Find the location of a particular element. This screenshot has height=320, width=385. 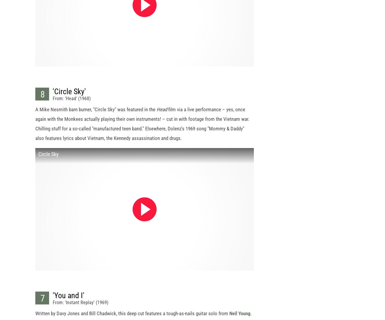

'Circle Sky' is located at coordinates (48, 159).